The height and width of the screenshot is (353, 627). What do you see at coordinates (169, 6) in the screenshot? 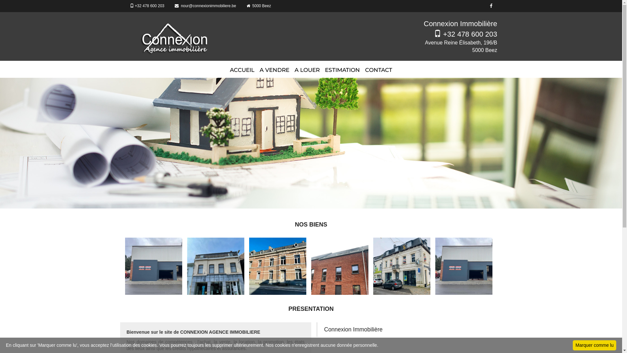
I see `' nour@connexionimmobiliere.be'` at bounding box center [169, 6].